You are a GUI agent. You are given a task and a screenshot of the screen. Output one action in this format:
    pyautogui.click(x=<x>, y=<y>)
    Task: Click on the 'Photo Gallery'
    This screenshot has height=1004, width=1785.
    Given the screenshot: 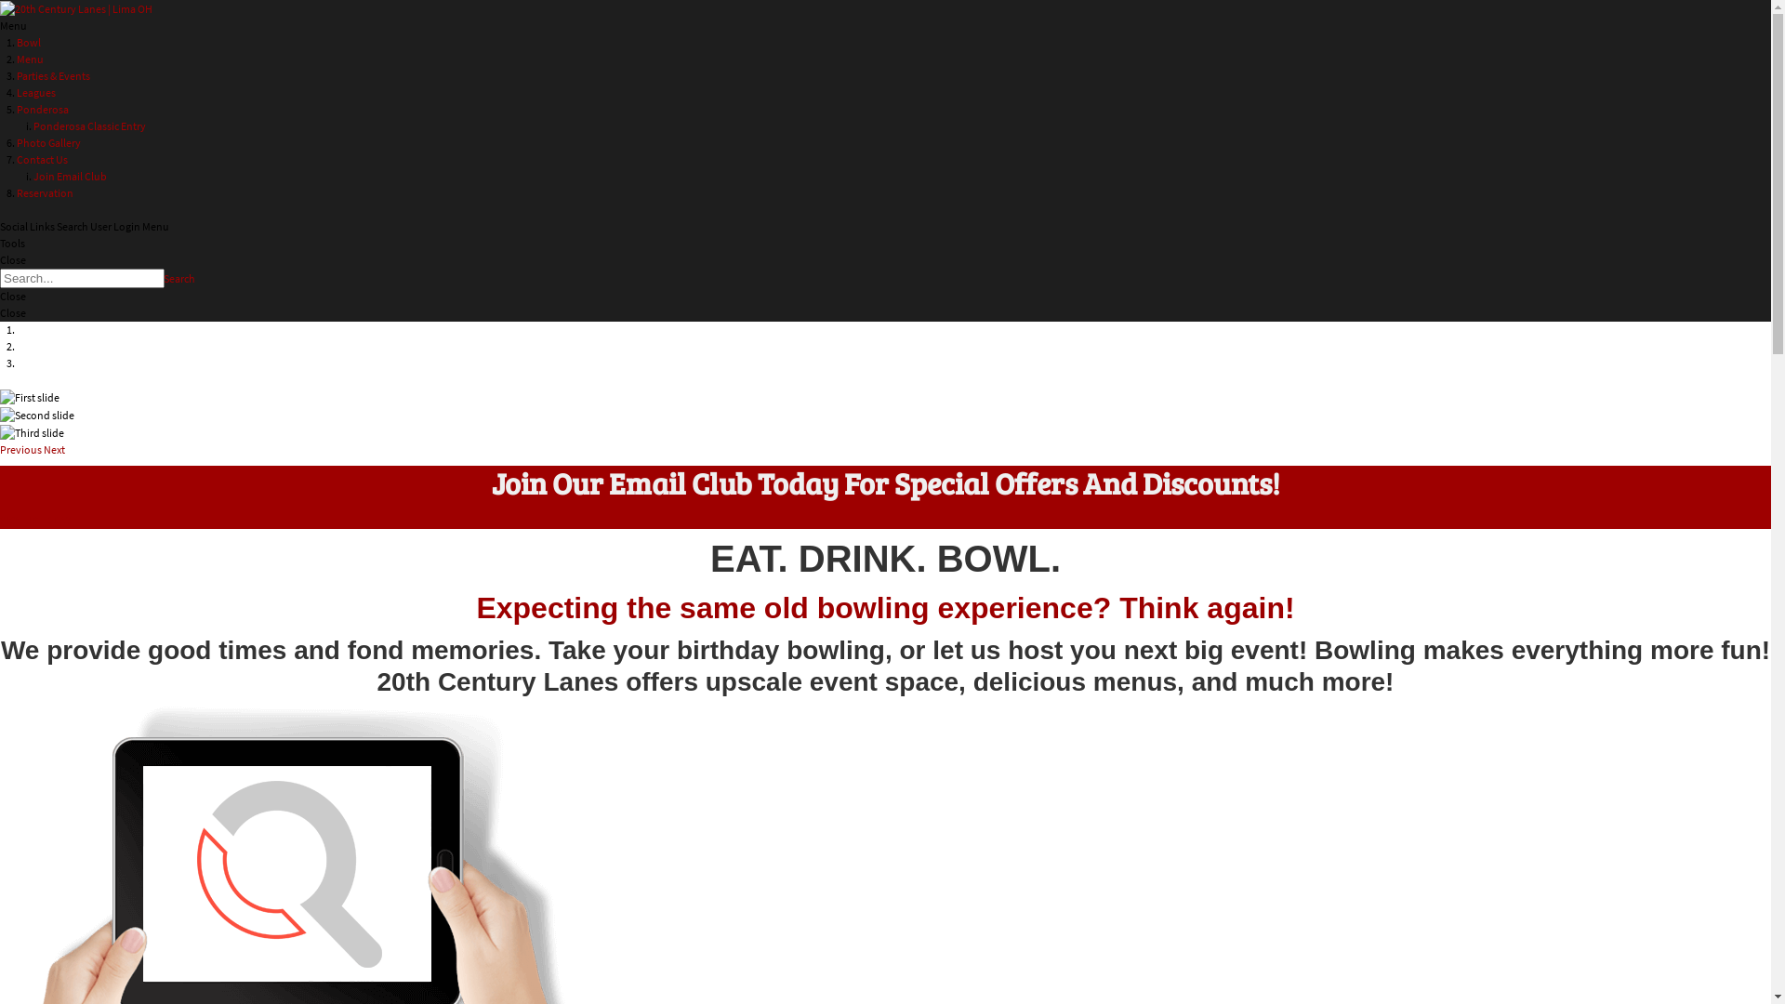 What is the action you would take?
    pyautogui.click(x=48, y=141)
    